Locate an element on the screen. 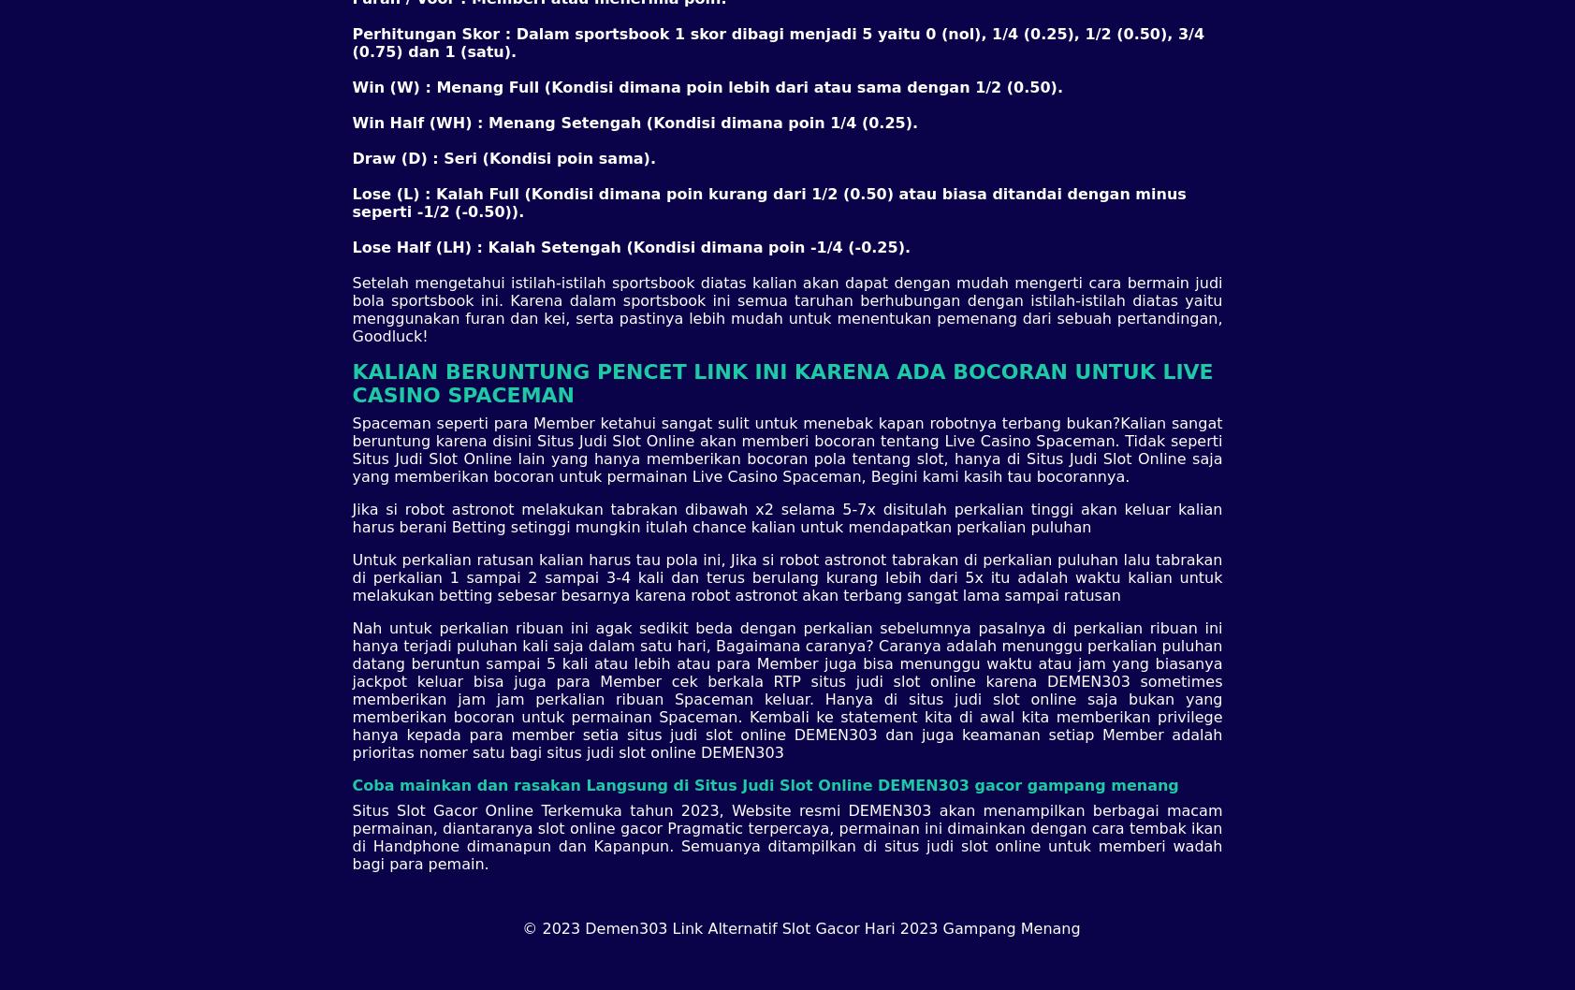  'Setelah mengetahui istilah-istilah sportsbook diatas kalian akan dapat dengan mudah mengerti cara bermain judi bola sportsbook ini. Karena dalam sportsbook ini semua taruhan berhubungan dengan istilah-istilah diatas yaitu menggunakan furan dan kei, serta pastinya lebih mudah untuk menentukan pemenang dari sebuah pertandingan, Goodluck!' is located at coordinates (785, 307).